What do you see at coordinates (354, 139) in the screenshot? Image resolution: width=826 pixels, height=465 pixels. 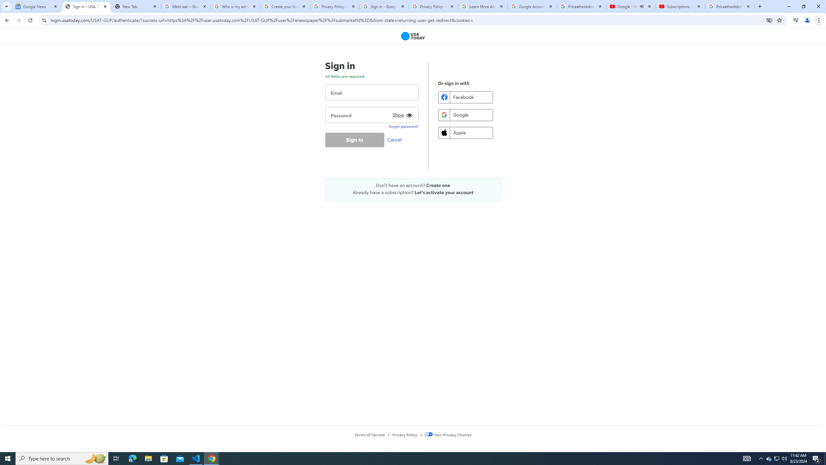 I see `'Sign In'` at bounding box center [354, 139].